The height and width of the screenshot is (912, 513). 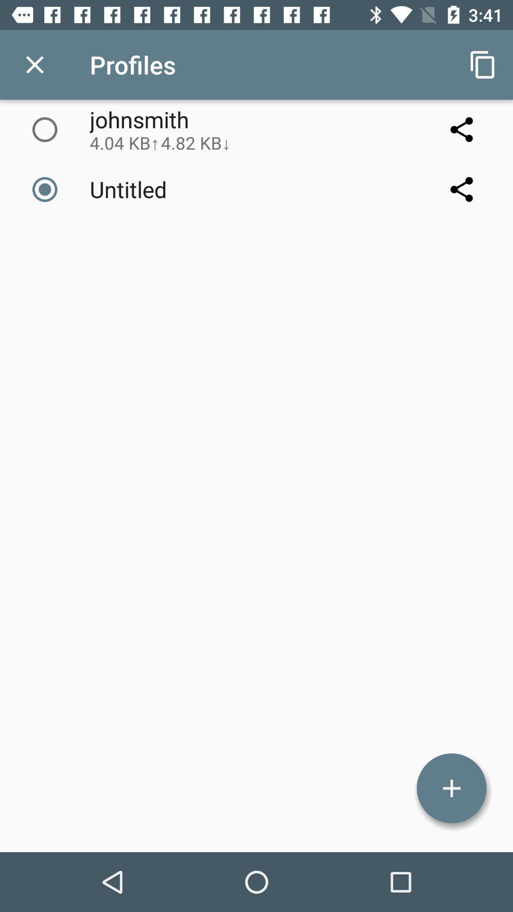 What do you see at coordinates (34, 64) in the screenshot?
I see `exit` at bounding box center [34, 64].